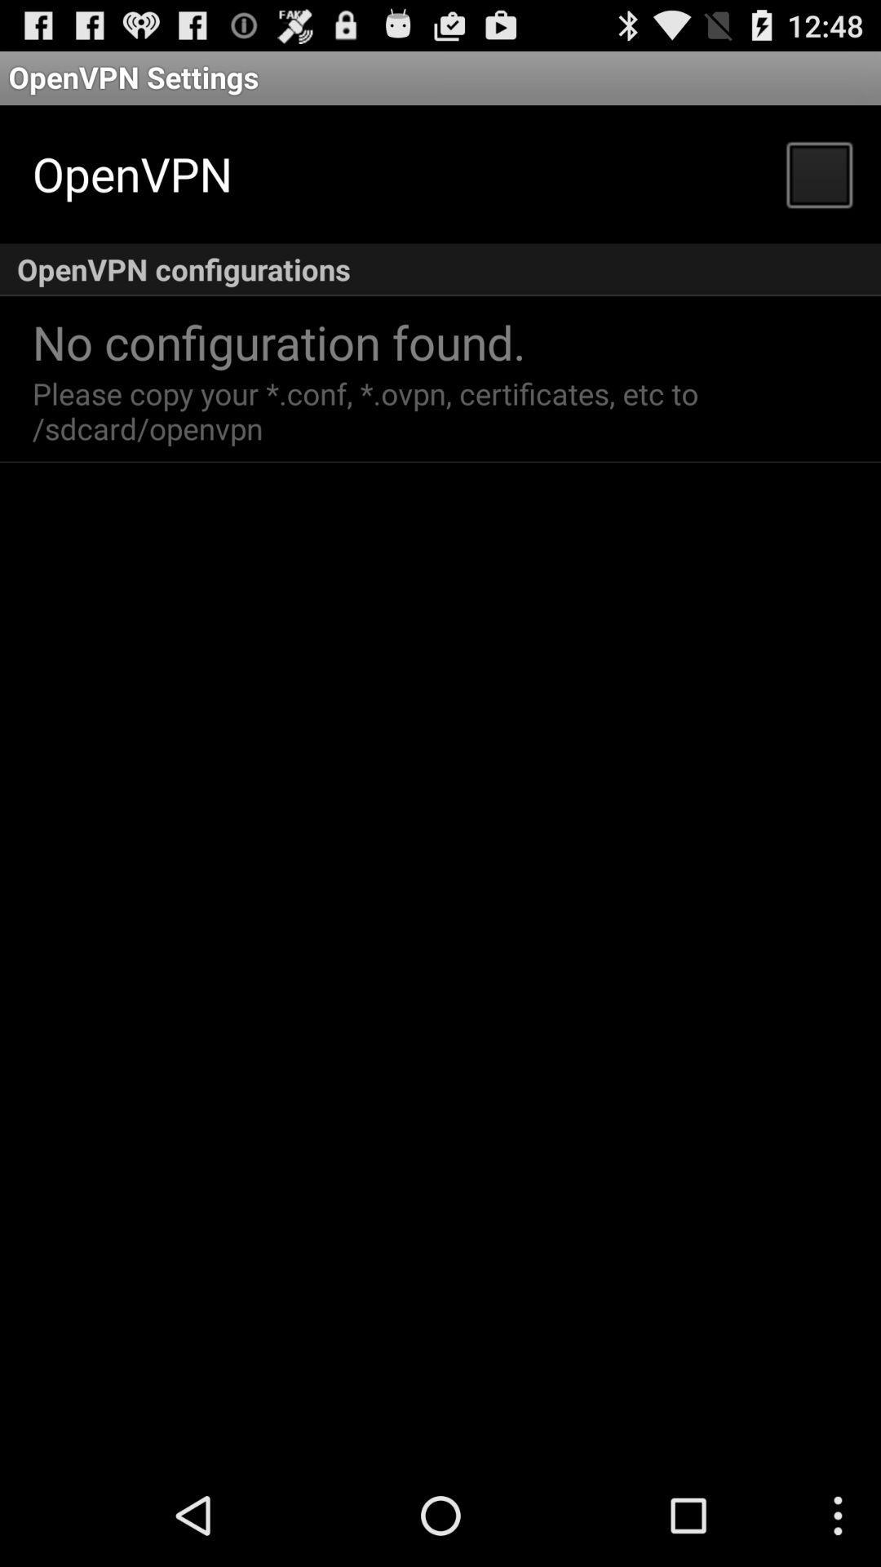 Image resolution: width=881 pixels, height=1567 pixels. What do you see at coordinates (370, 411) in the screenshot?
I see `the app below the no configuration found. icon` at bounding box center [370, 411].